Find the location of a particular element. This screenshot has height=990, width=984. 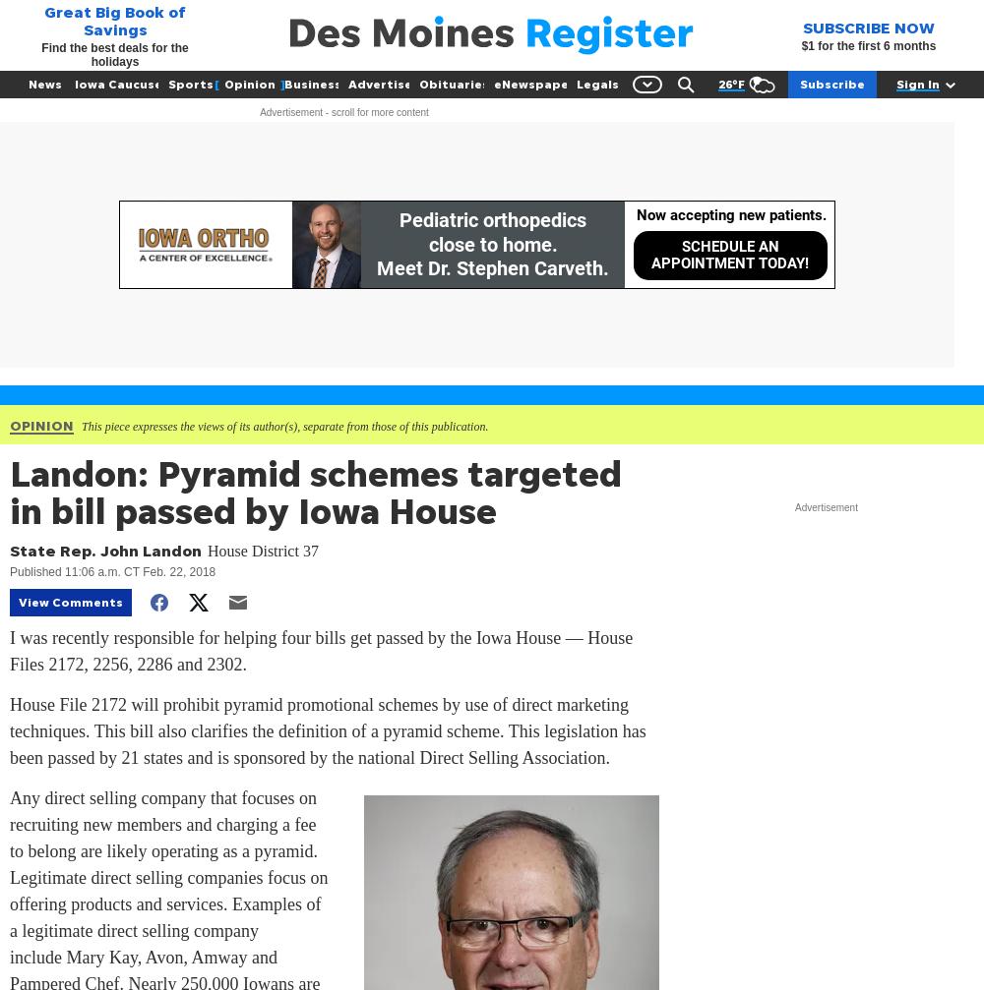

'eNewspaper' is located at coordinates (533, 84).